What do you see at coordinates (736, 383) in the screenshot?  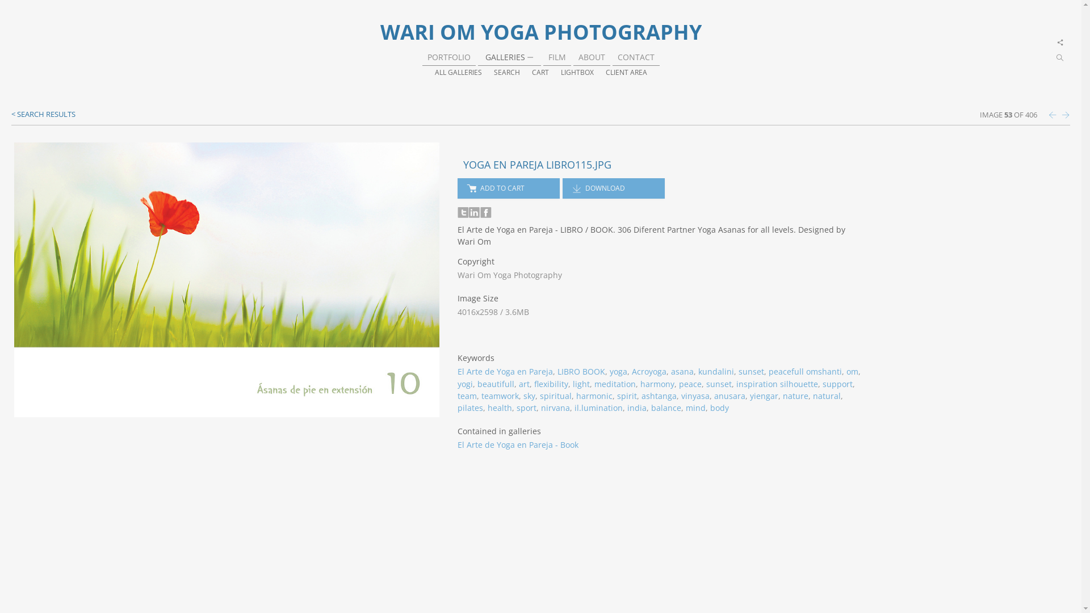 I see `'inspiration silhouette'` at bounding box center [736, 383].